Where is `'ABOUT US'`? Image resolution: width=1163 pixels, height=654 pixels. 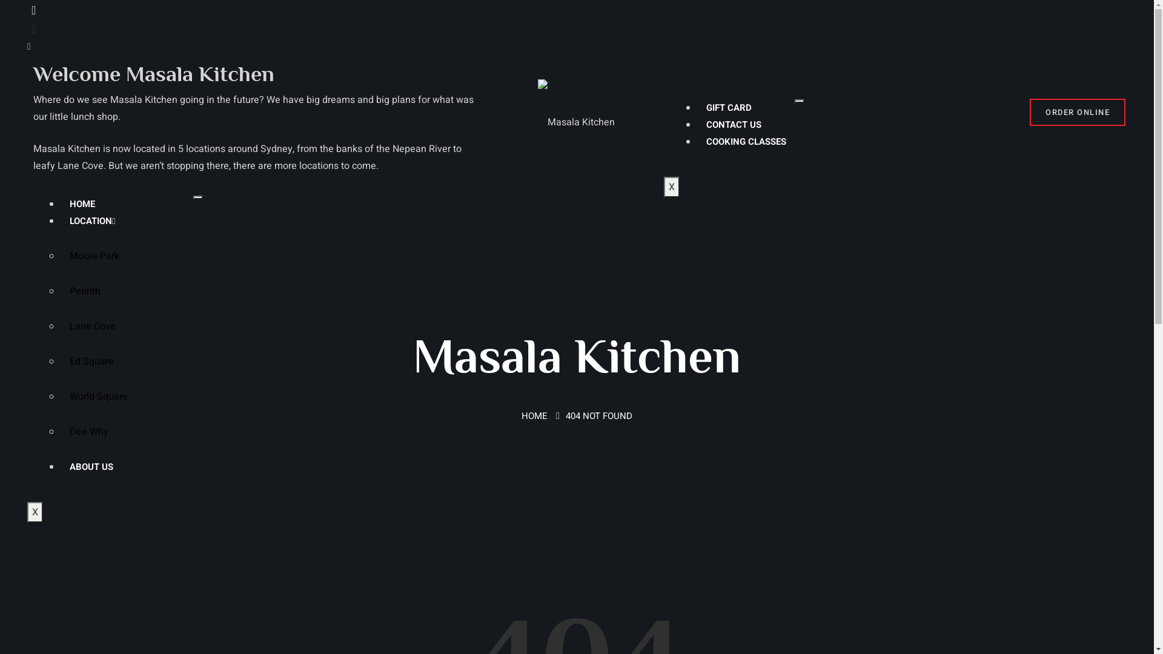
'ABOUT US' is located at coordinates (60, 466).